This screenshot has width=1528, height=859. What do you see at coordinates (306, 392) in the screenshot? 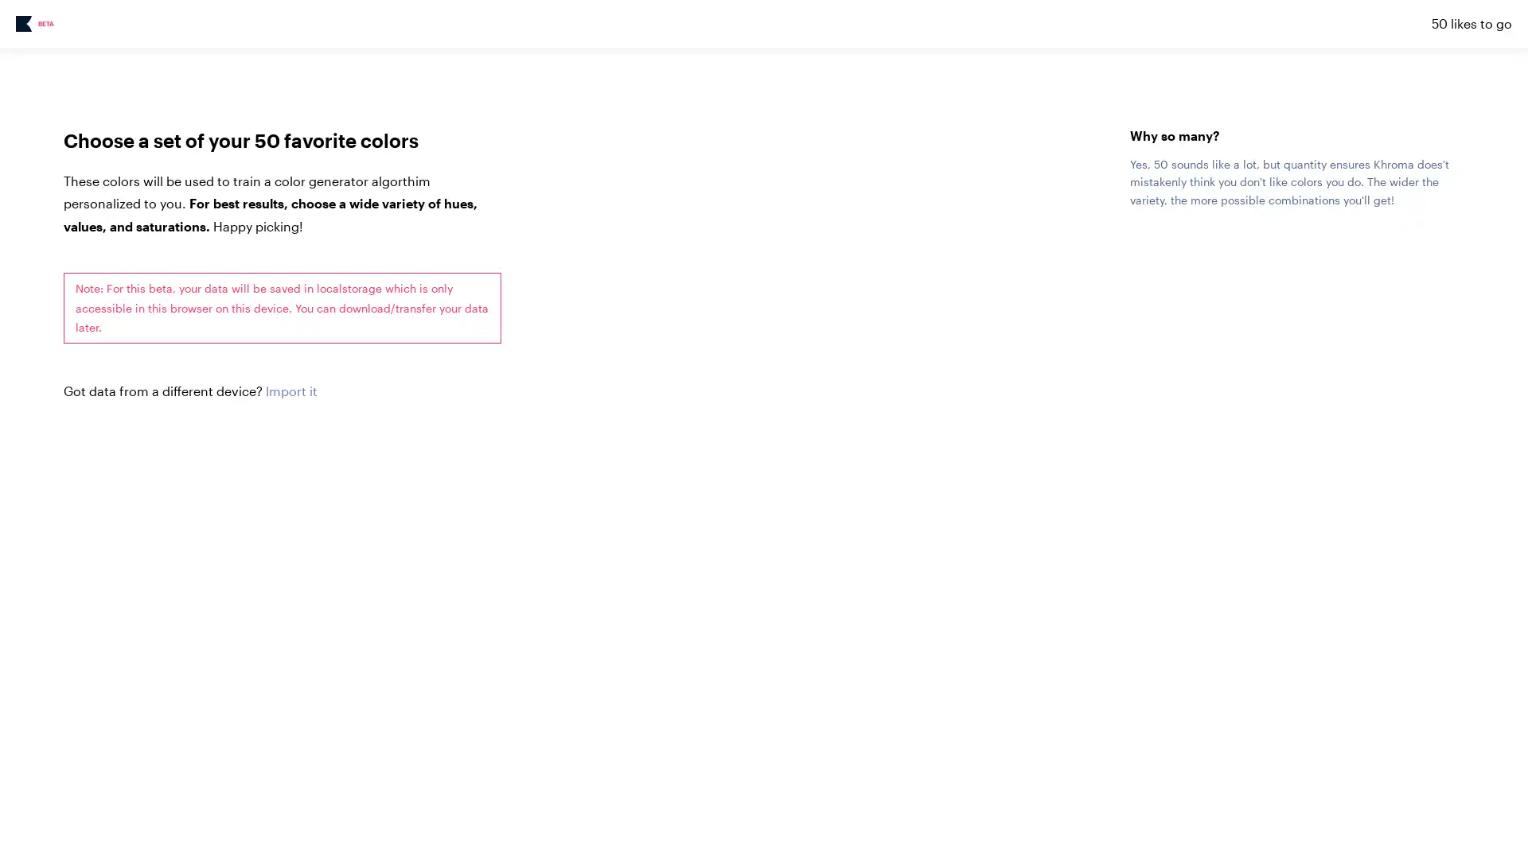
I see `Choose File` at bounding box center [306, 392].